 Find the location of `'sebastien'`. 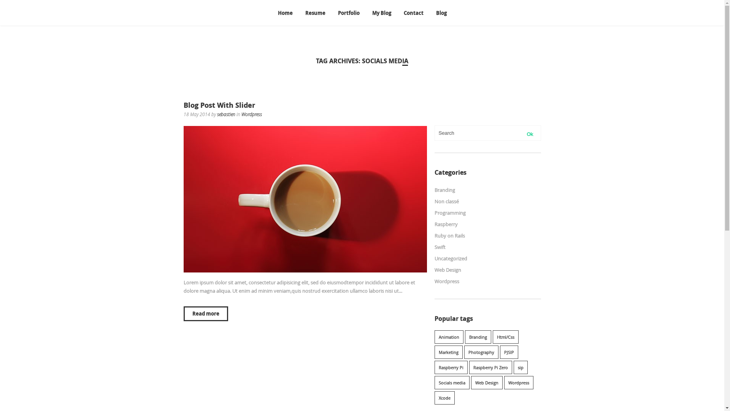

'sebastien' is located at coordinates (216, 114).